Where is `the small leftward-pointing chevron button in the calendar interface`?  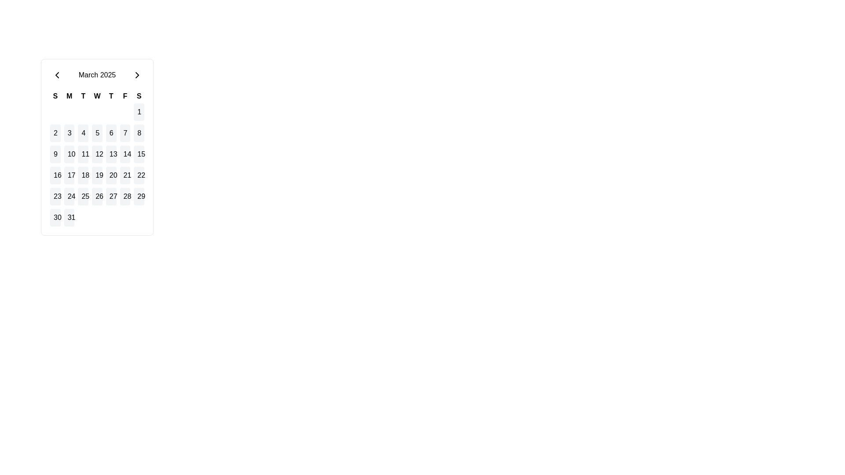 the small leftward-pointing chevron button in the calendar interface is located at coordinates (56, 74).